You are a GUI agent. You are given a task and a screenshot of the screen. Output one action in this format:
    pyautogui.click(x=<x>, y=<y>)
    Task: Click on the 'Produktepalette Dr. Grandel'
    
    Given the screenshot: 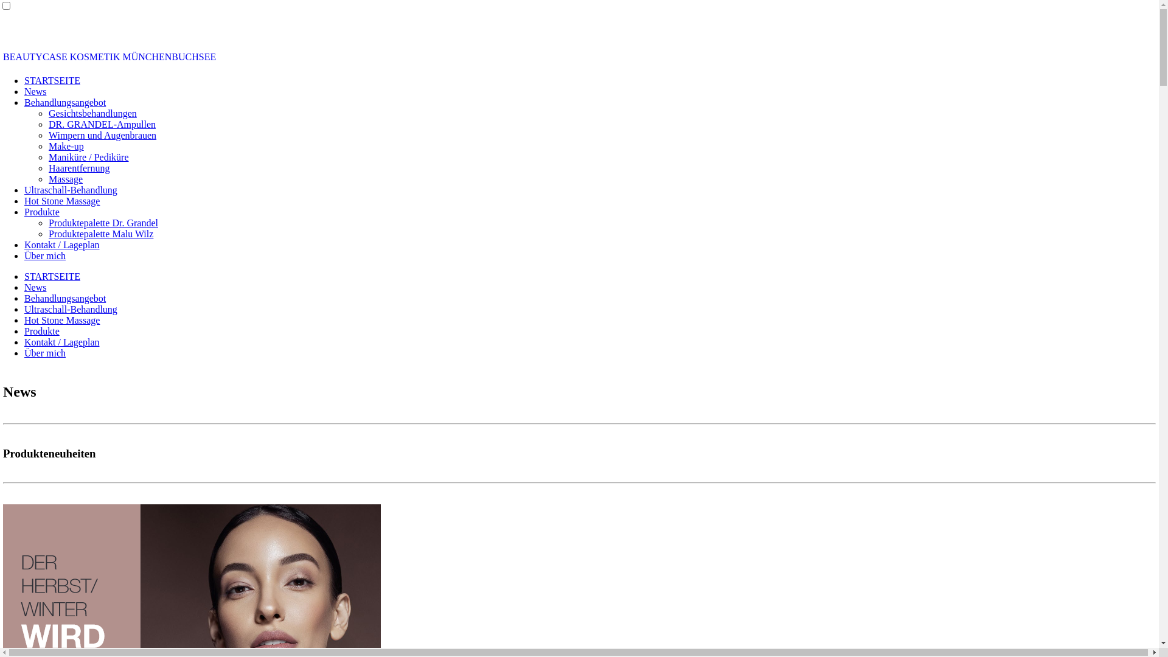 What is the action you would take?
    pyautogui.click(x=103, y=223)
    